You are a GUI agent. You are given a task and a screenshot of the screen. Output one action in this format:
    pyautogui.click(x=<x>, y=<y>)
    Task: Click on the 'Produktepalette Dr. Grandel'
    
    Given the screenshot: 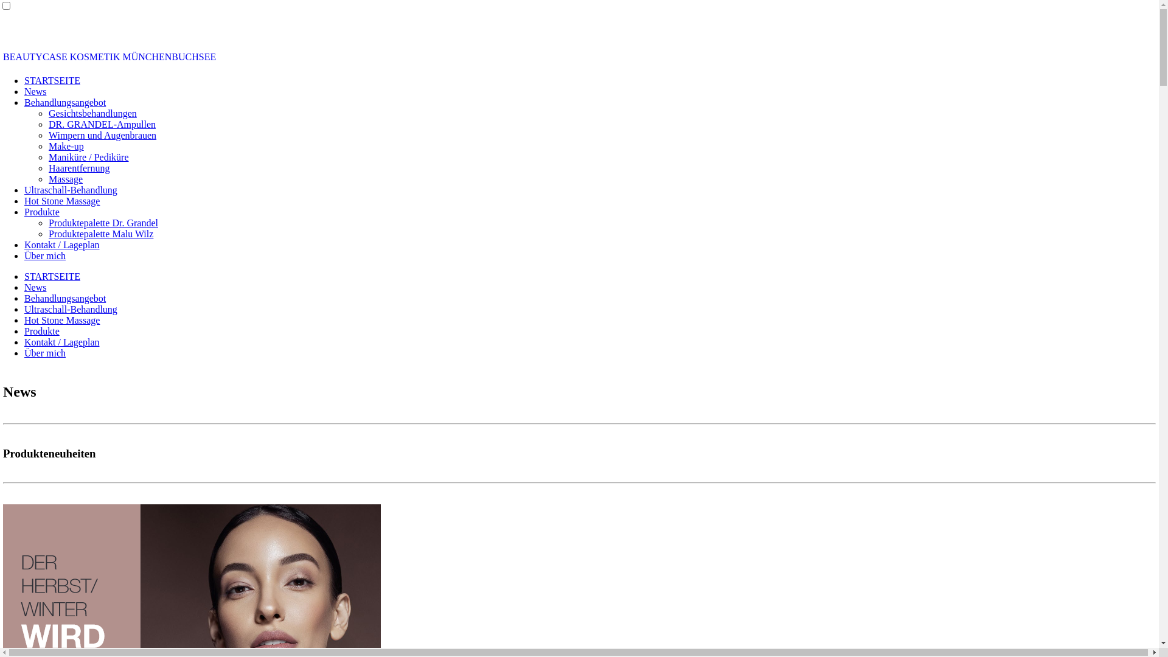 What is the action you would take?
    pyautogui.click(x=103, y=223)
    